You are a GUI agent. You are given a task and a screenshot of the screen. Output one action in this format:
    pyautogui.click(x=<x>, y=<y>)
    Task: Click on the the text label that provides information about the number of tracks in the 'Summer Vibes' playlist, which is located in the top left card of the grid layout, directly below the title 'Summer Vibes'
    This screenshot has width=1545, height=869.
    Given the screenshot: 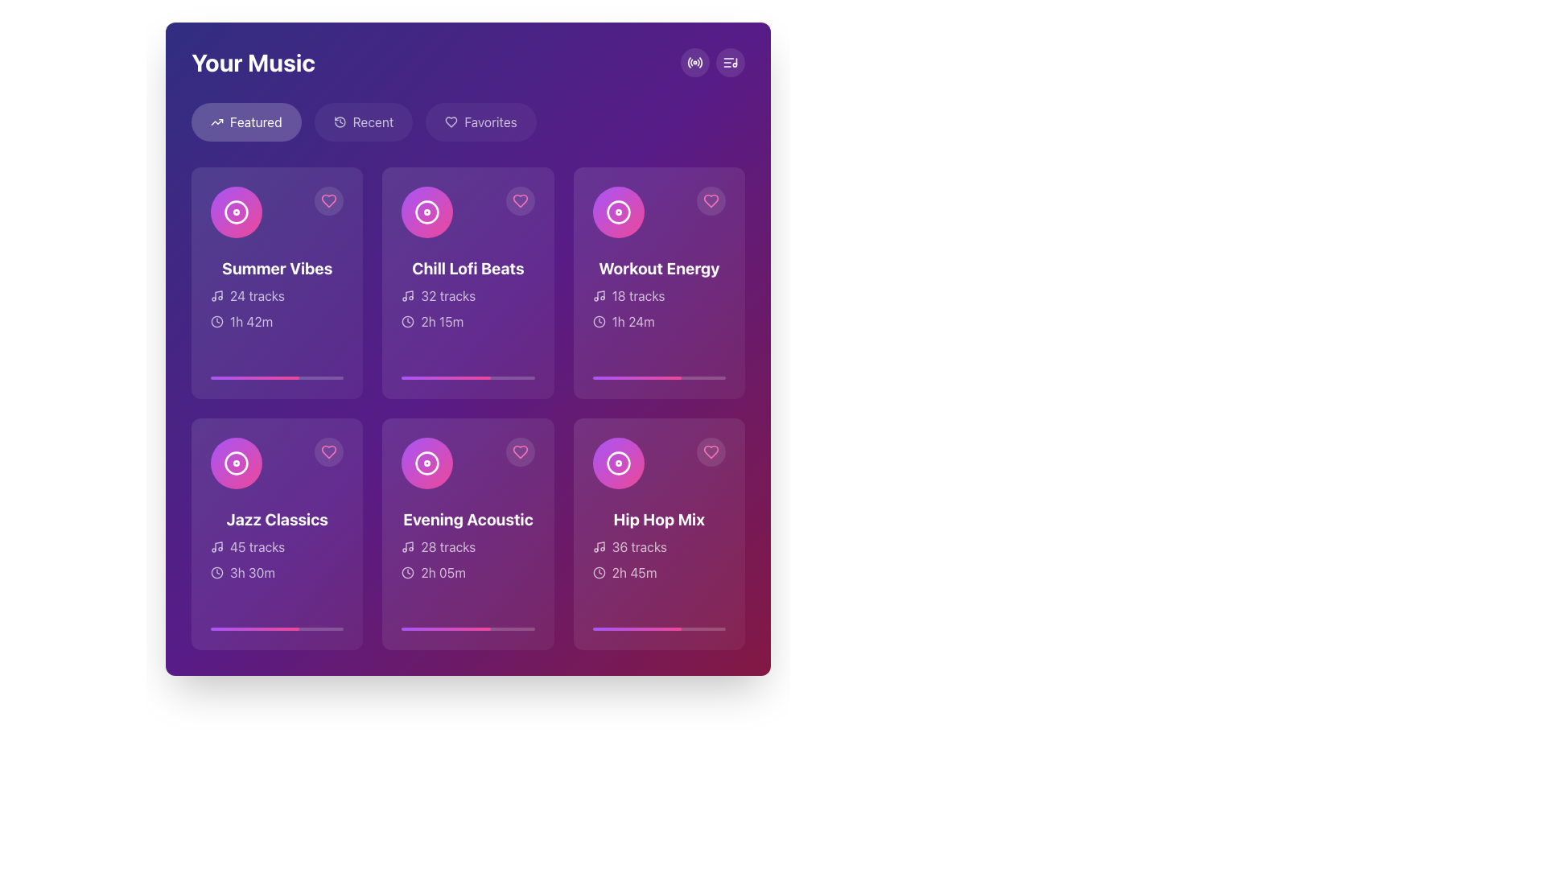 What is the action you would take?
    pyautogui.click(x=277, y=295)
    